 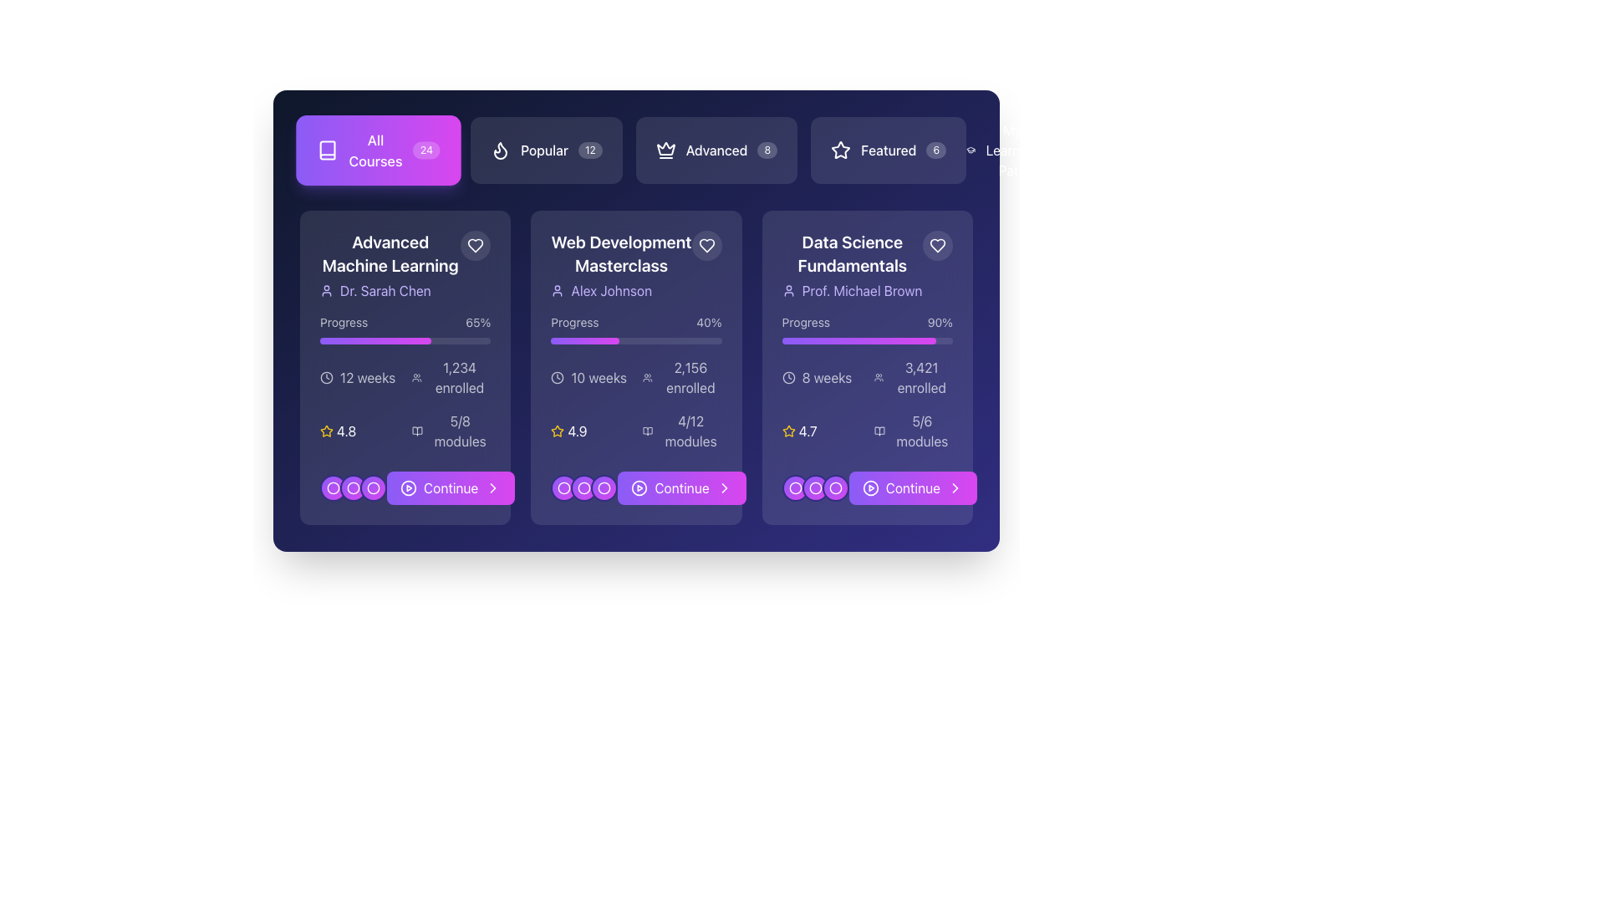 I want to click on the text label displaying the number of individuals enrolled in the 'Data Science Fundamentals' course, located on the rightmost card above the bottom row of icons and buttons, so click(x=920, y=377).